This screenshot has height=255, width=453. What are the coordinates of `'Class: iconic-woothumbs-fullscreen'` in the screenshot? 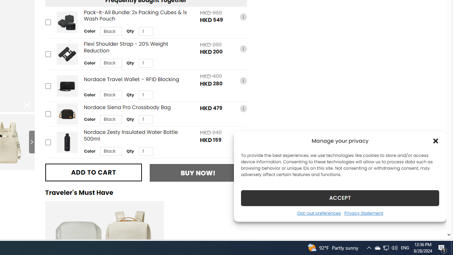 It's located at (27, 105).